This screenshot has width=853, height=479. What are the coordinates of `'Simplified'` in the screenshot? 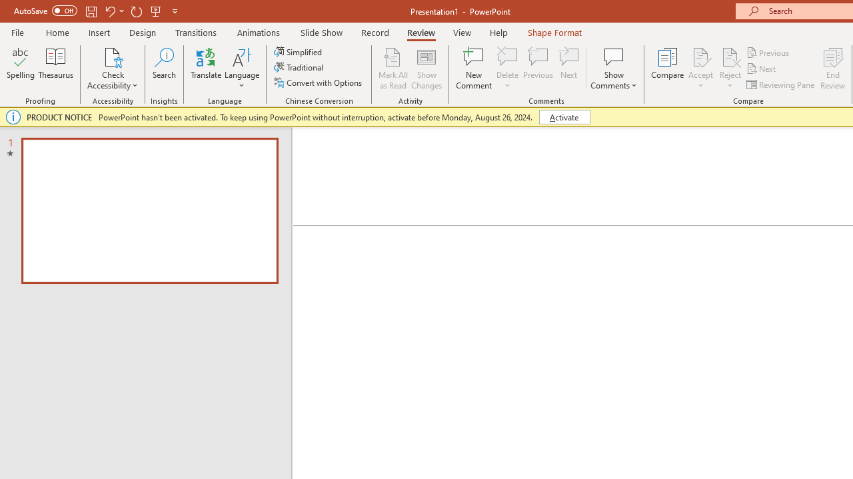 It's located at (299, 51).